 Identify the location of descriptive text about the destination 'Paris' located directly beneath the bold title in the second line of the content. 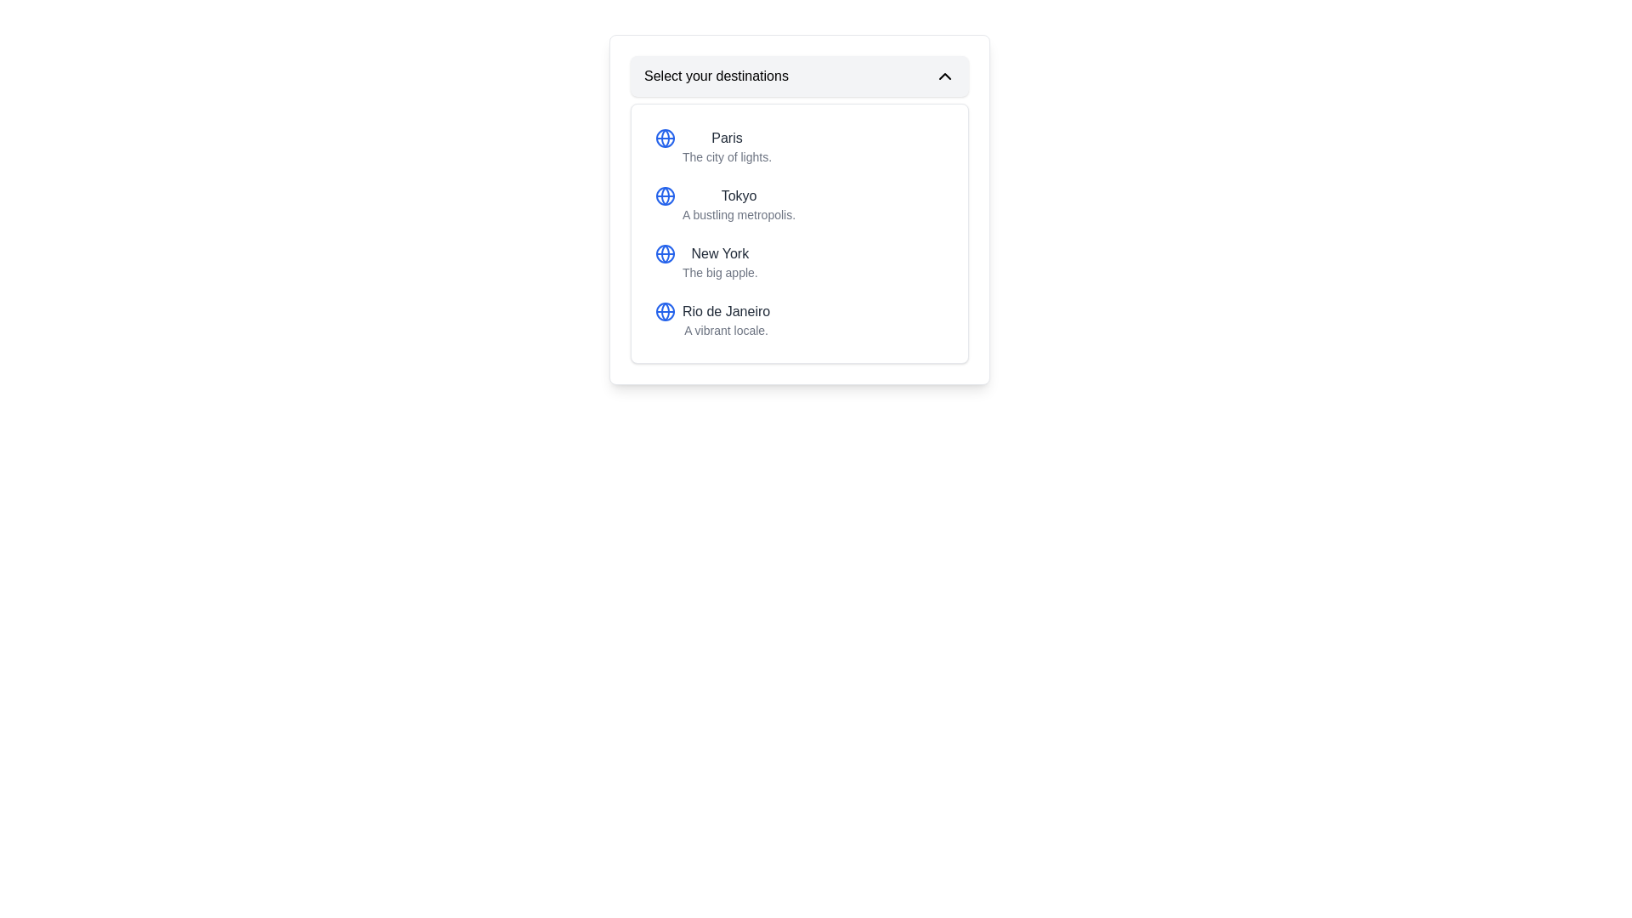
(727, 157).